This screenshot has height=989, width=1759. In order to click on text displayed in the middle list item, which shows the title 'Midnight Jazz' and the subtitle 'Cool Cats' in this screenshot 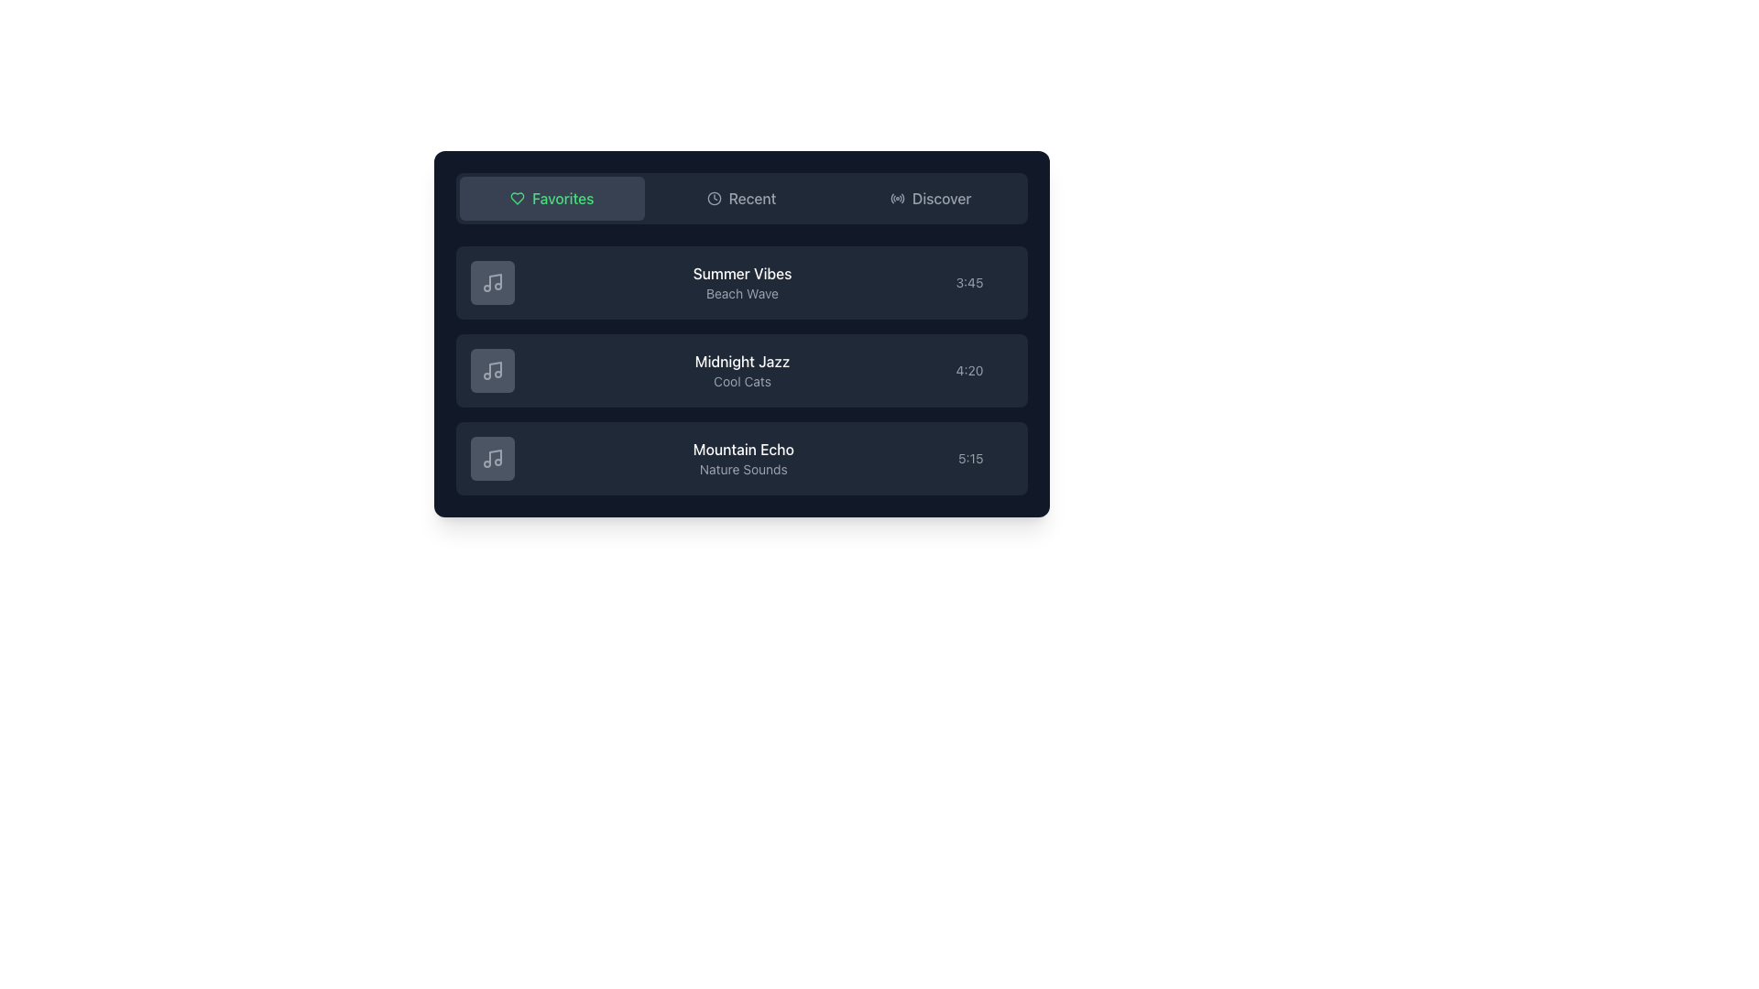, I will do `click(742, 371)`.